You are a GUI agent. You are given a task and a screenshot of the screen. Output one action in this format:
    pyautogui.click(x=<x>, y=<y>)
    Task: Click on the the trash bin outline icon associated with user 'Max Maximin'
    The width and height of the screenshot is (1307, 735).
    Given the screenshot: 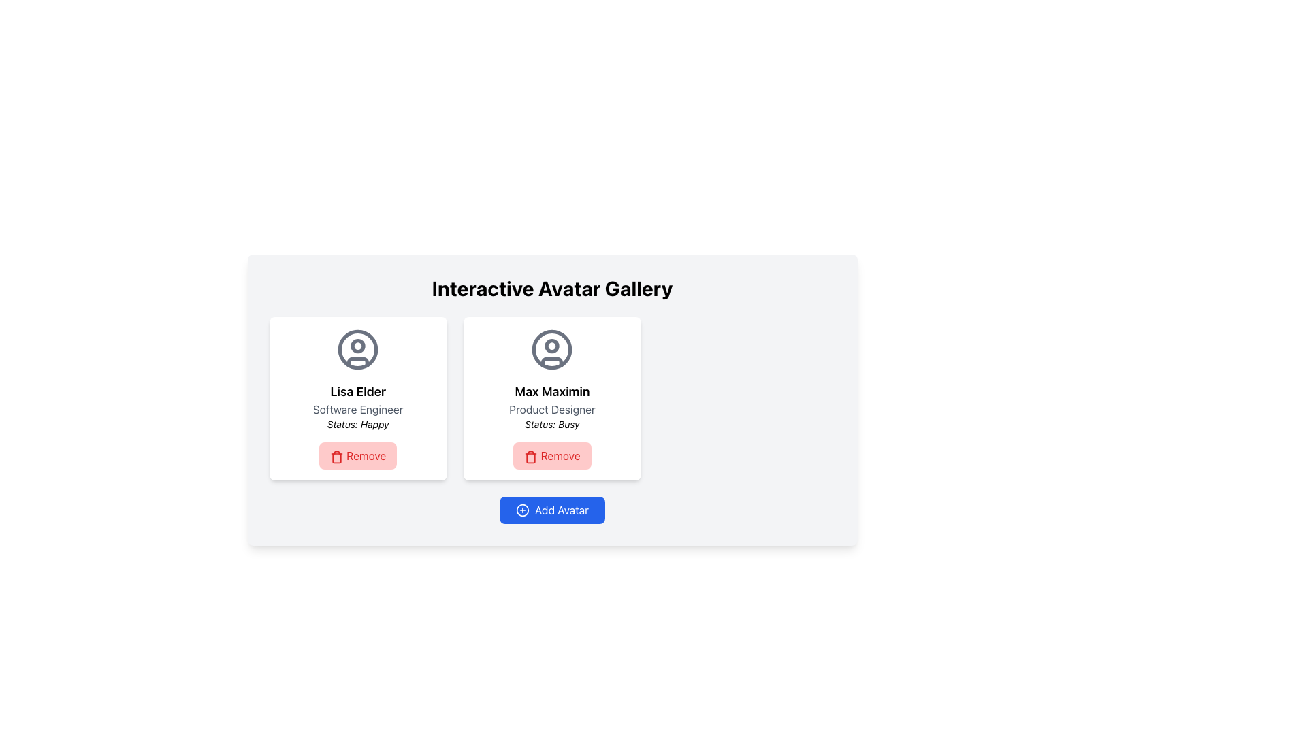 What is the action you would take?
    pyautogui.click(x=530, y=458)
    